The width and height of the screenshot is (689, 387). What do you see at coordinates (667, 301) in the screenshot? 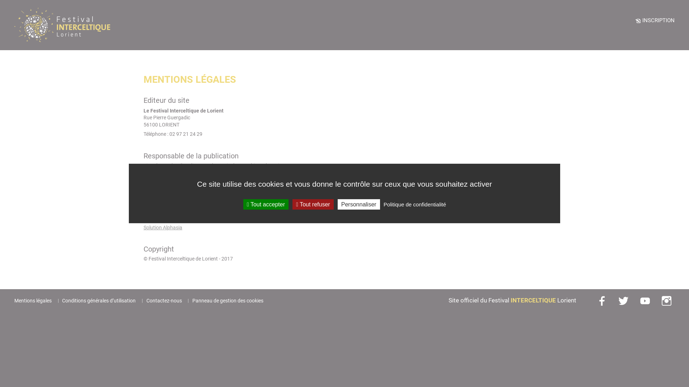
I see `'Instagram'` at bounding box center [667, 301].